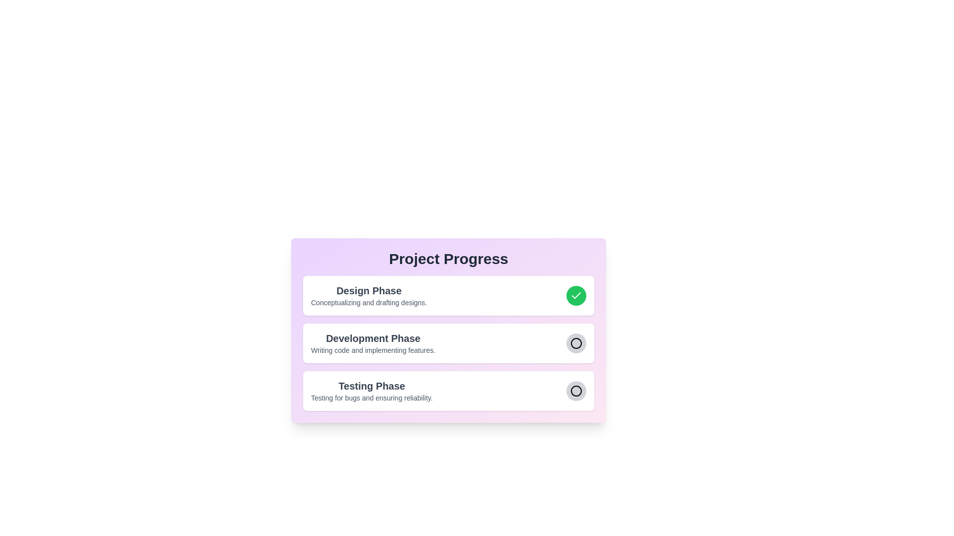 Image resolution: width=954 pixels, height=536 pixels. I want to click on the circular green button with a white checkmark icon located at the far-right side of the 'Design Phase' progress card to confirm or complete an action, so click(576, 295).